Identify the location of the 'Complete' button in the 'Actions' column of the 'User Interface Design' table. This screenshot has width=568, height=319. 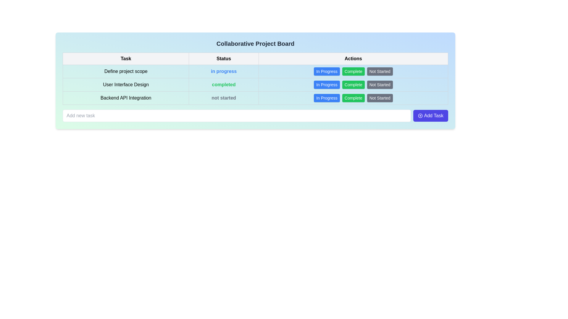
(353, 84).